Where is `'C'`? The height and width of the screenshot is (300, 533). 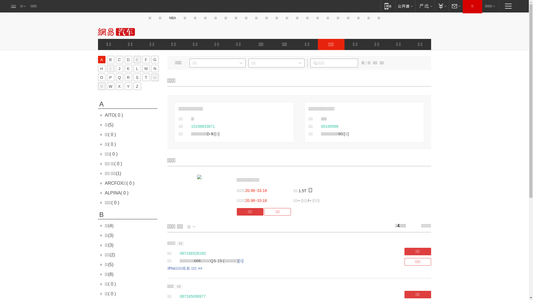
'C' is located at coordinates (115, 59).